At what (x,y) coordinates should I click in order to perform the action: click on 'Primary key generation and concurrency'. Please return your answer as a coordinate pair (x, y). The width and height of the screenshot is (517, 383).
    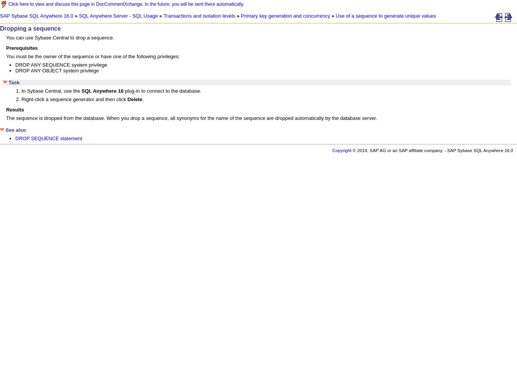
    Looking at the image, I should click on (285, 16).